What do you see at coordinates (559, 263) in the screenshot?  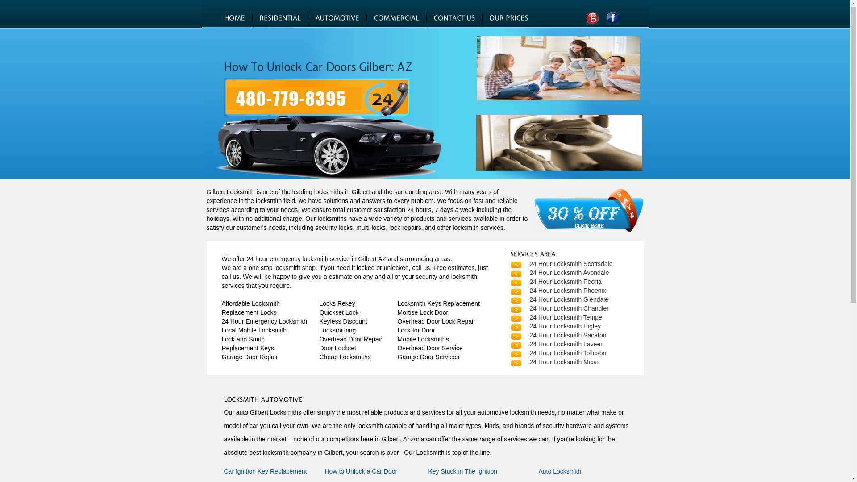 I see `'24 Hour Locksmith Scottsdale'` at bounding box center [559, 263].